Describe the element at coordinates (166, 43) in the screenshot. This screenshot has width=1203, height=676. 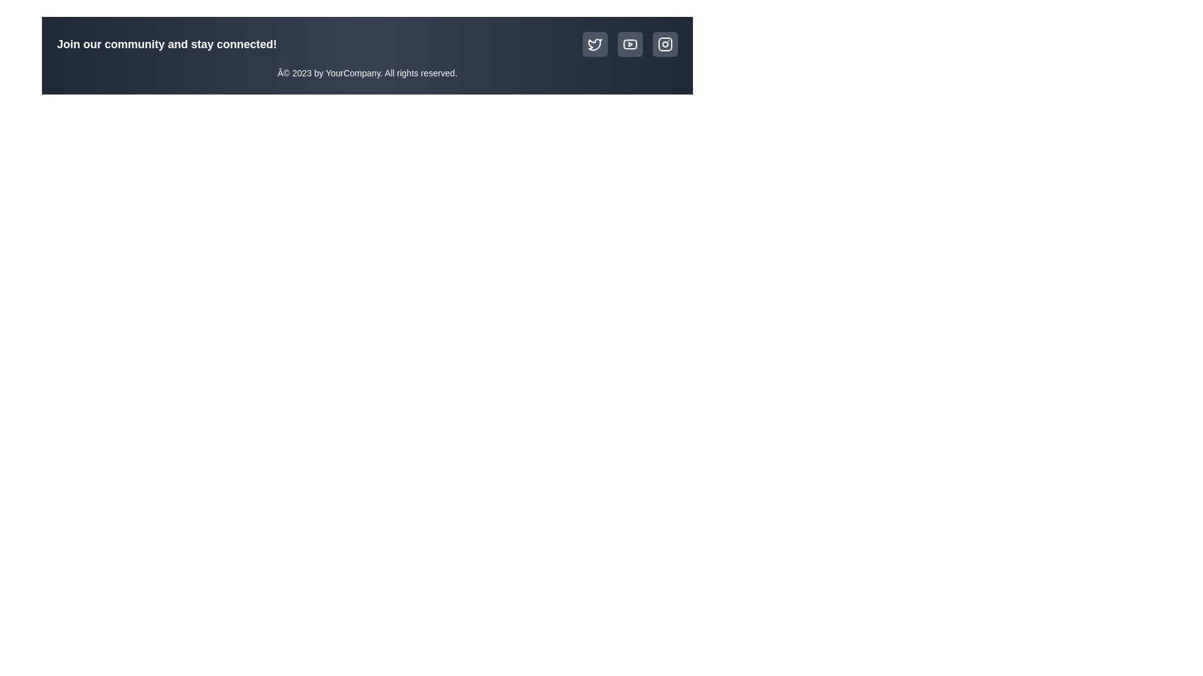
I see `text content of the bold and large text component displaying 'Join our community and stay connected!' located on the dark background near the top-left portion of the navigation-like bar` at that location.